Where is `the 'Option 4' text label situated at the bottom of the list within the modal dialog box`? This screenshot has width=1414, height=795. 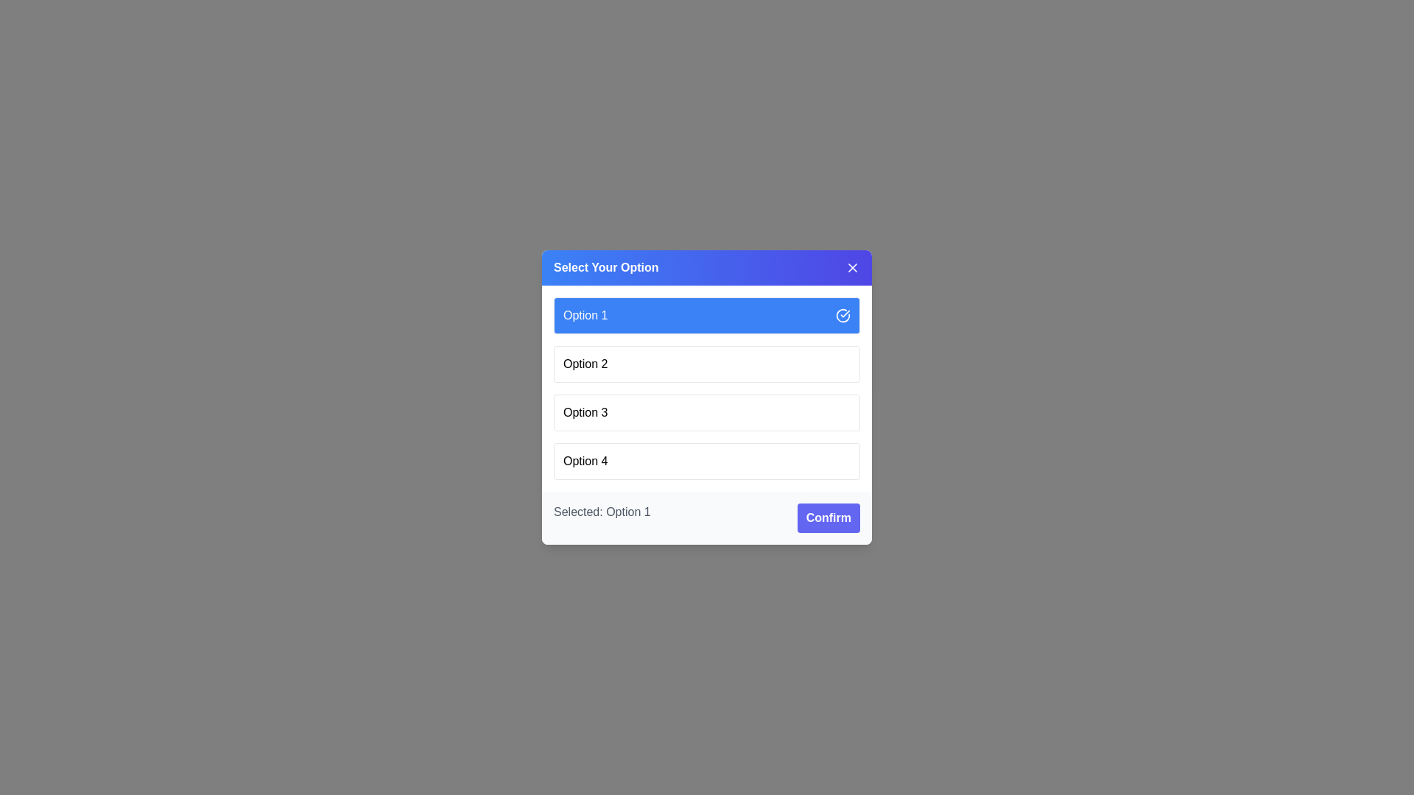
the 'Option 4' text label situated at the bottom of the list within the modal dialog box is located at coordinates (585, 461).